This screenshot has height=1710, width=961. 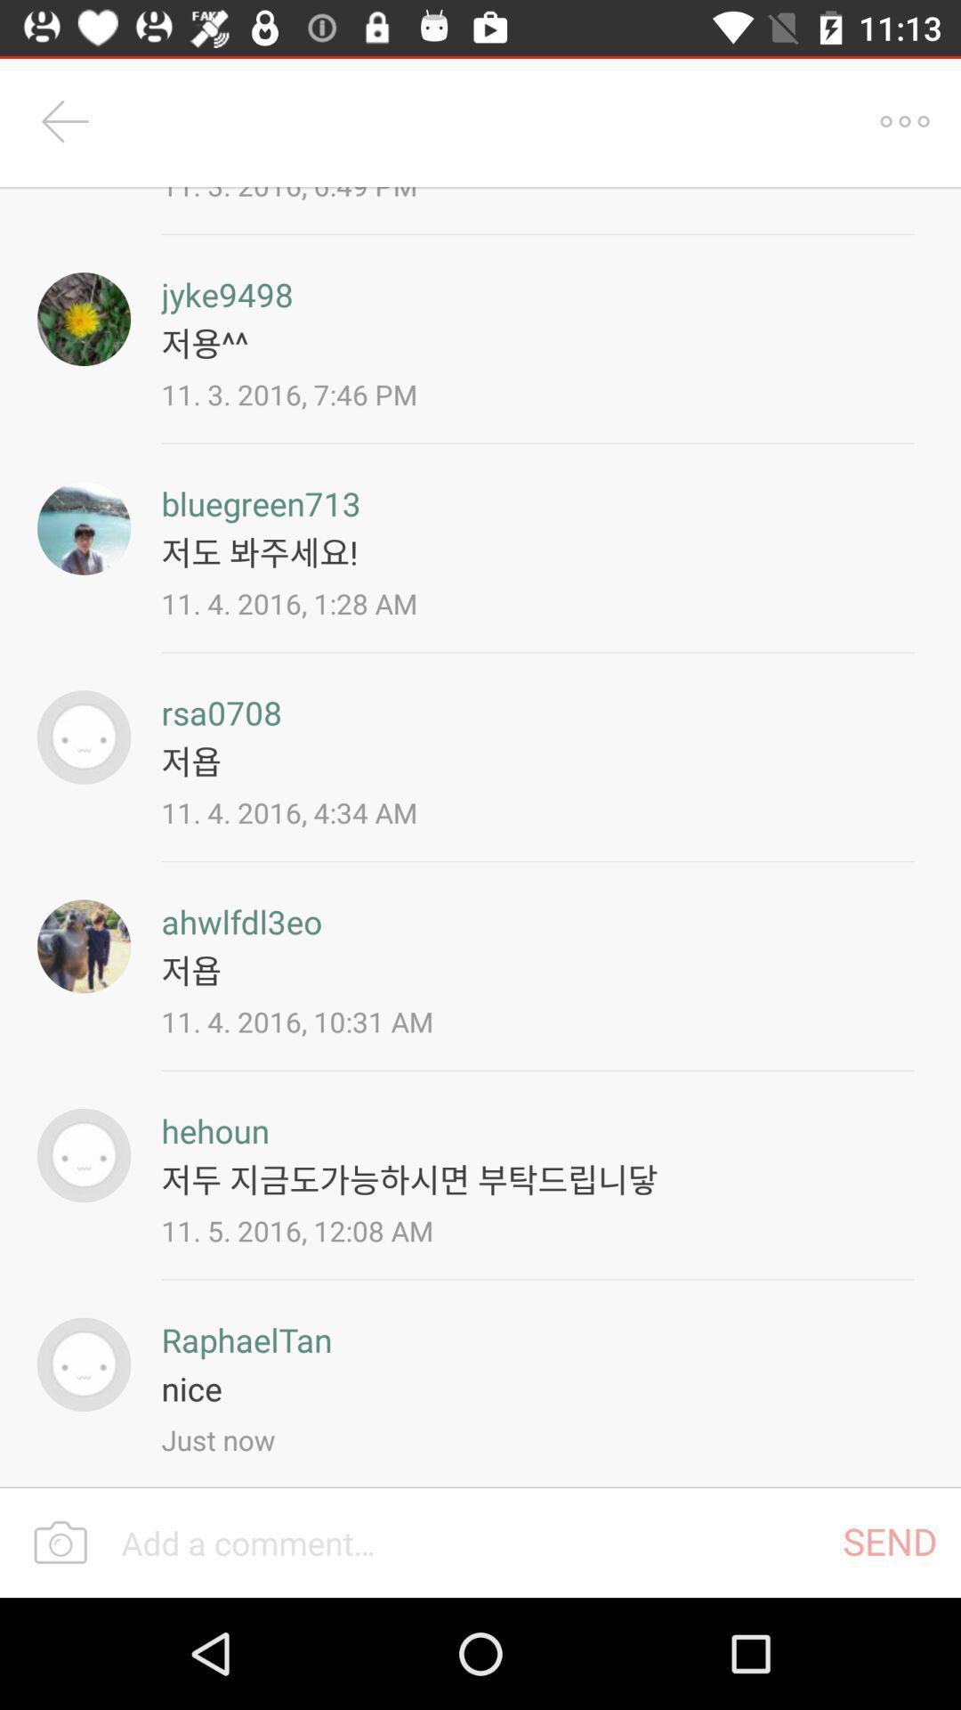 What do you see at coordinates (60, 1543) in the screenshot?
I see `the photo icon` at bounding box center [60, 1543].